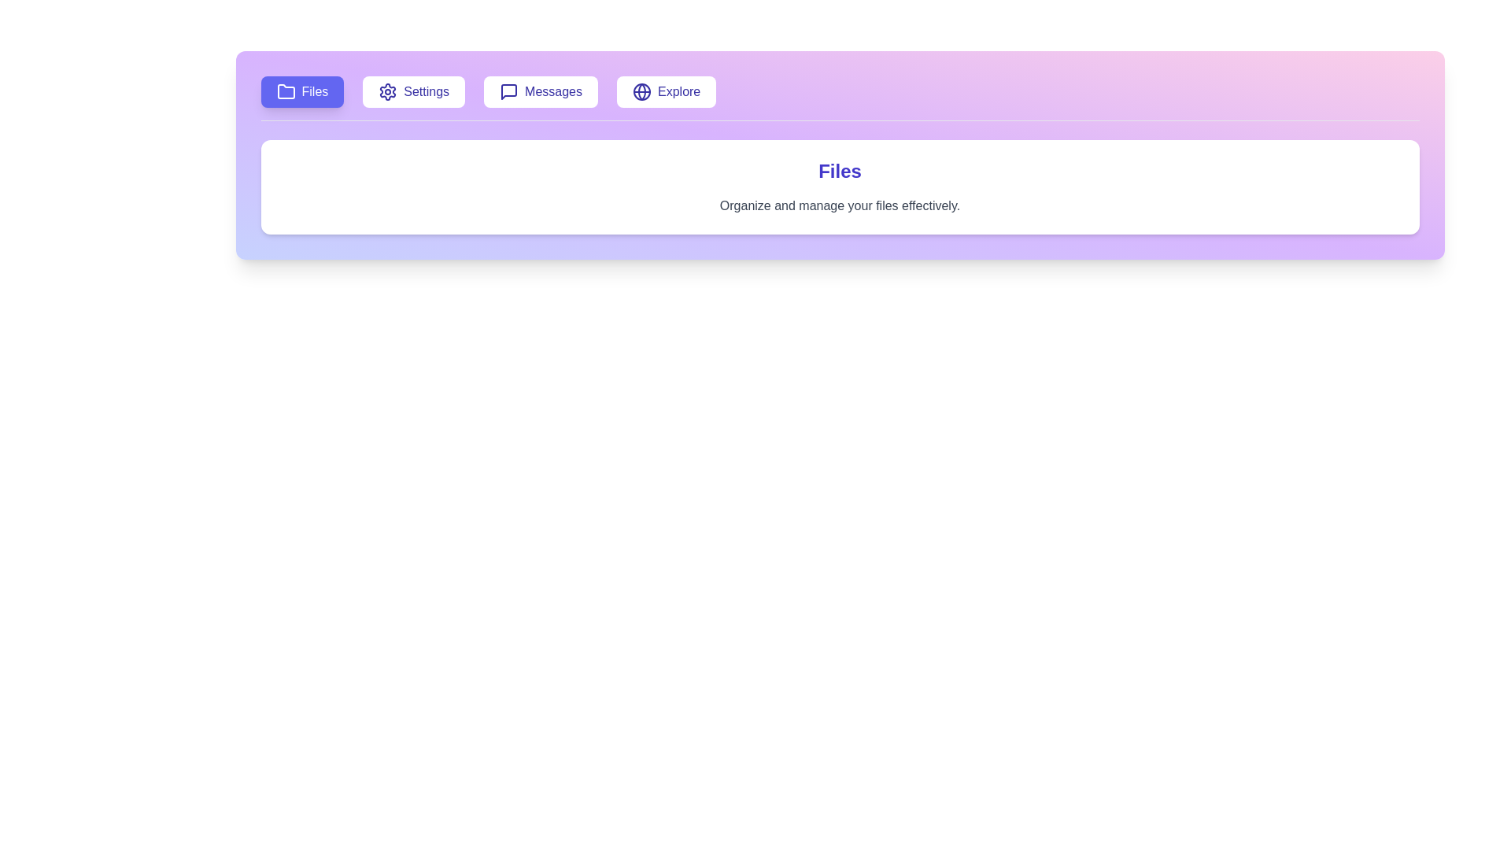 This screenshot has height=850, width=1511. What do you see at coordinates (667, 91) in the screenshot?
I see `the tab labeled Explore` at bounding box center [667, 91].